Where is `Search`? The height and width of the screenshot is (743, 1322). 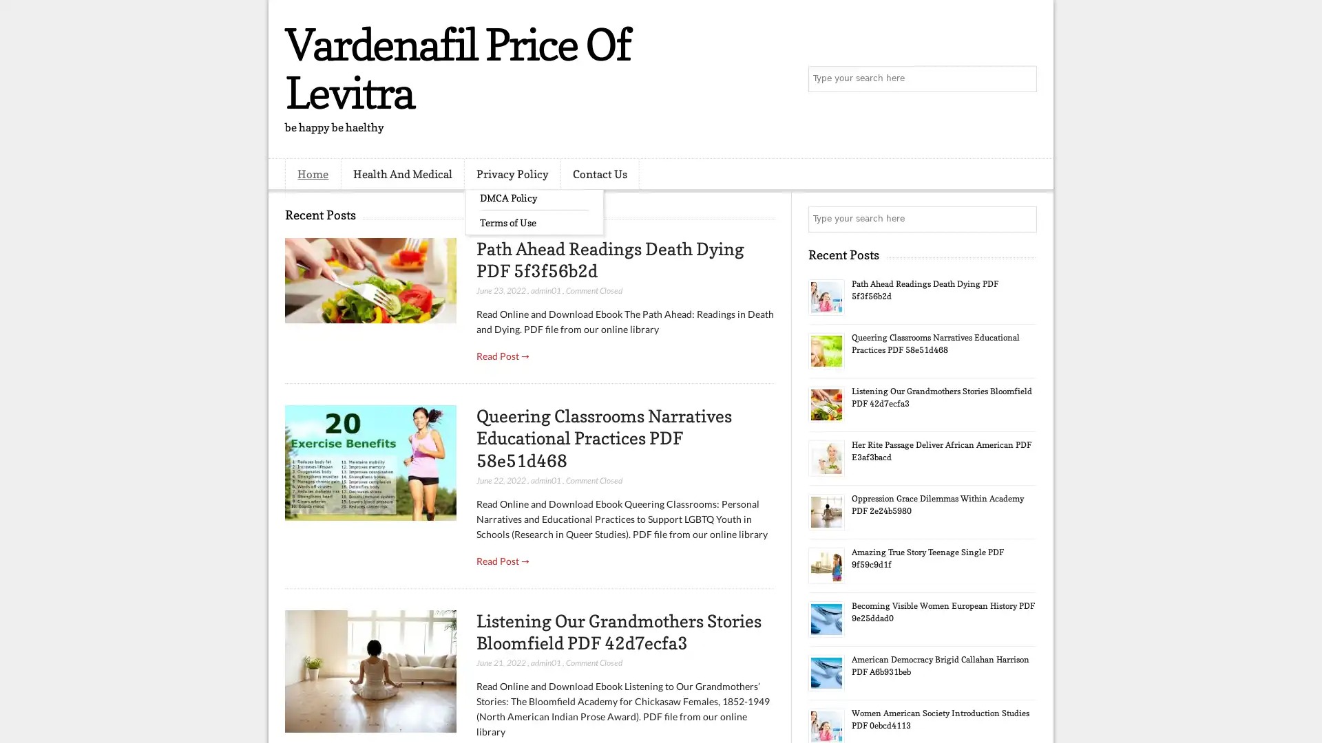
Search is located at coordinates (1022, 79).